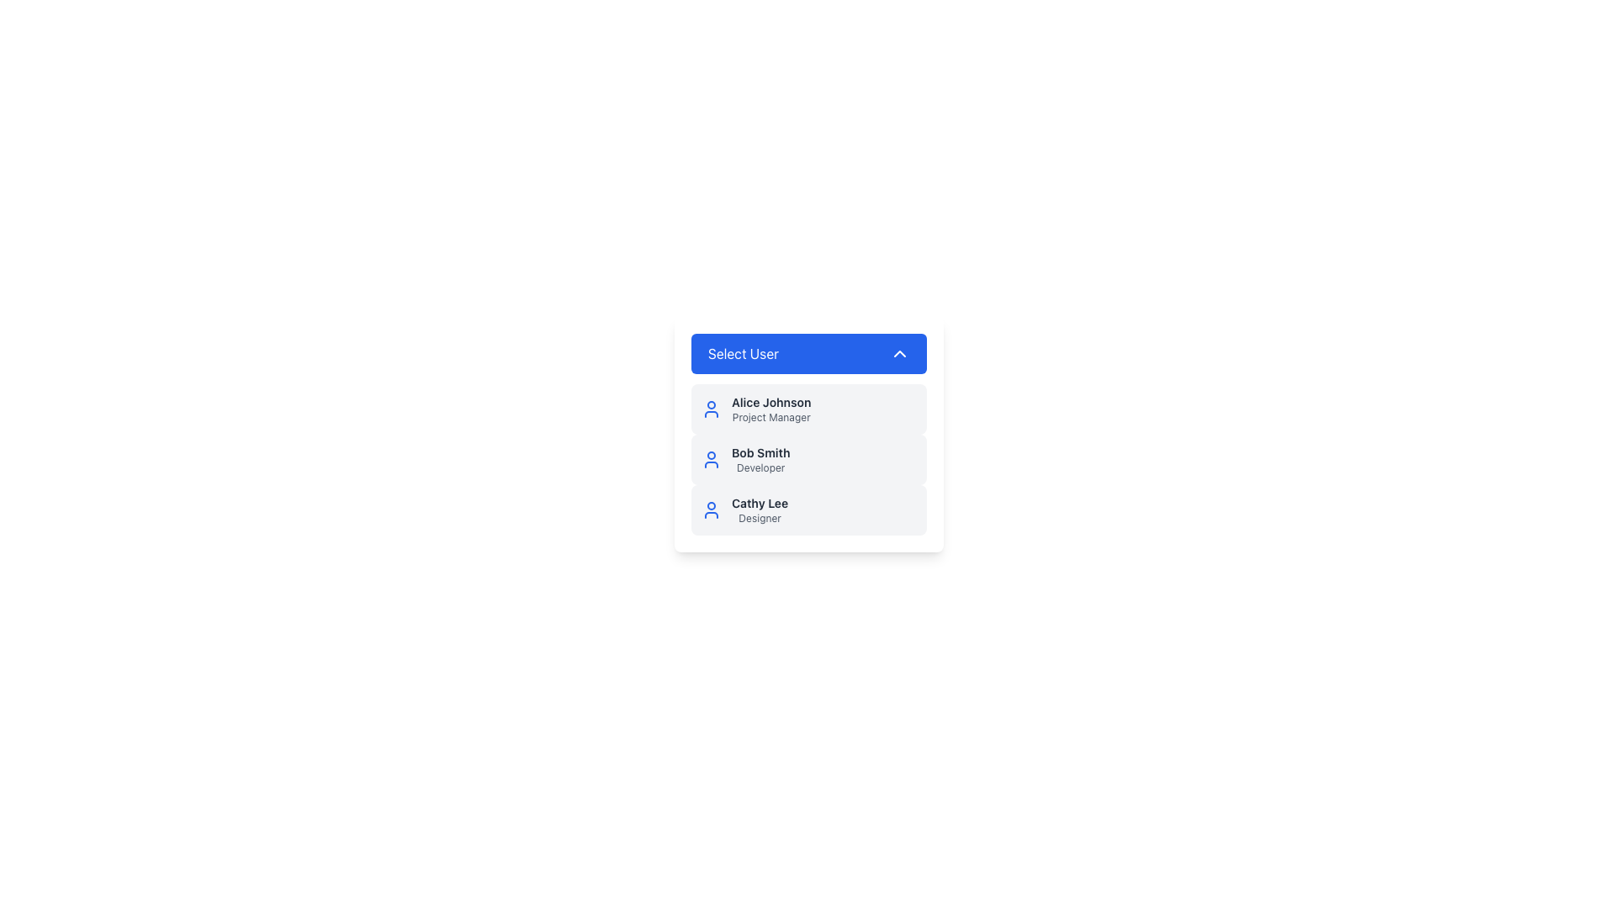  What do you see at coordinates (760, 452) in the screenshot?
I see `text label displaying 'Bob Smith' in bold dark gray font located in the dropdown list under 'Select User'` at bounding box center [760, 452].